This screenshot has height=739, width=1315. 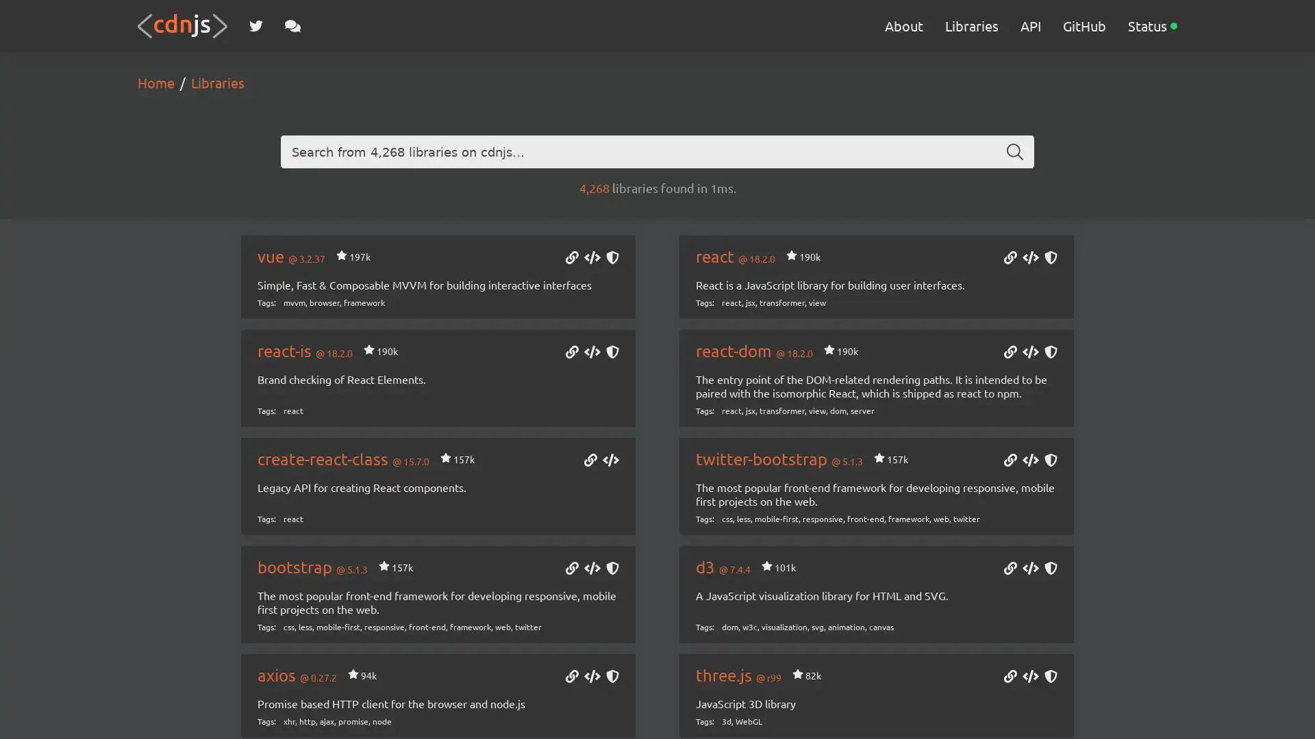 I want to click on Copy Script Tag, so click(x=1029, y=259).